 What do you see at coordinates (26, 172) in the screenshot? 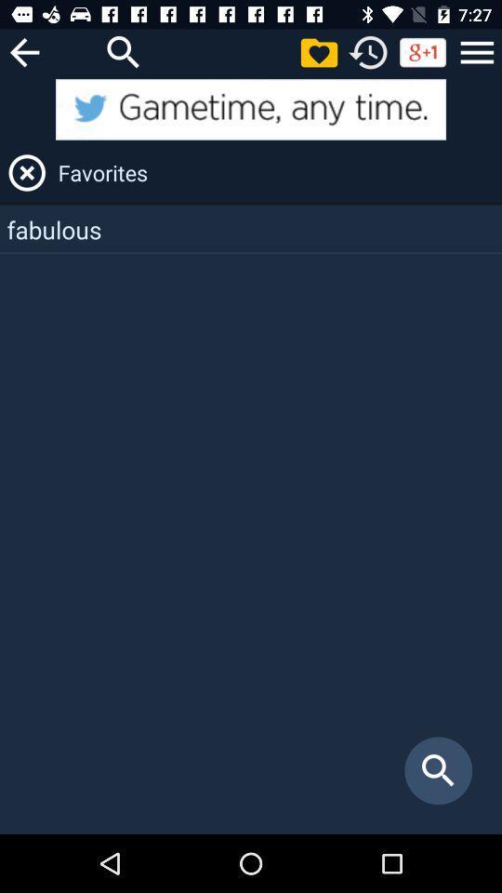
I see `favourites` at bounding box center [26, 172].